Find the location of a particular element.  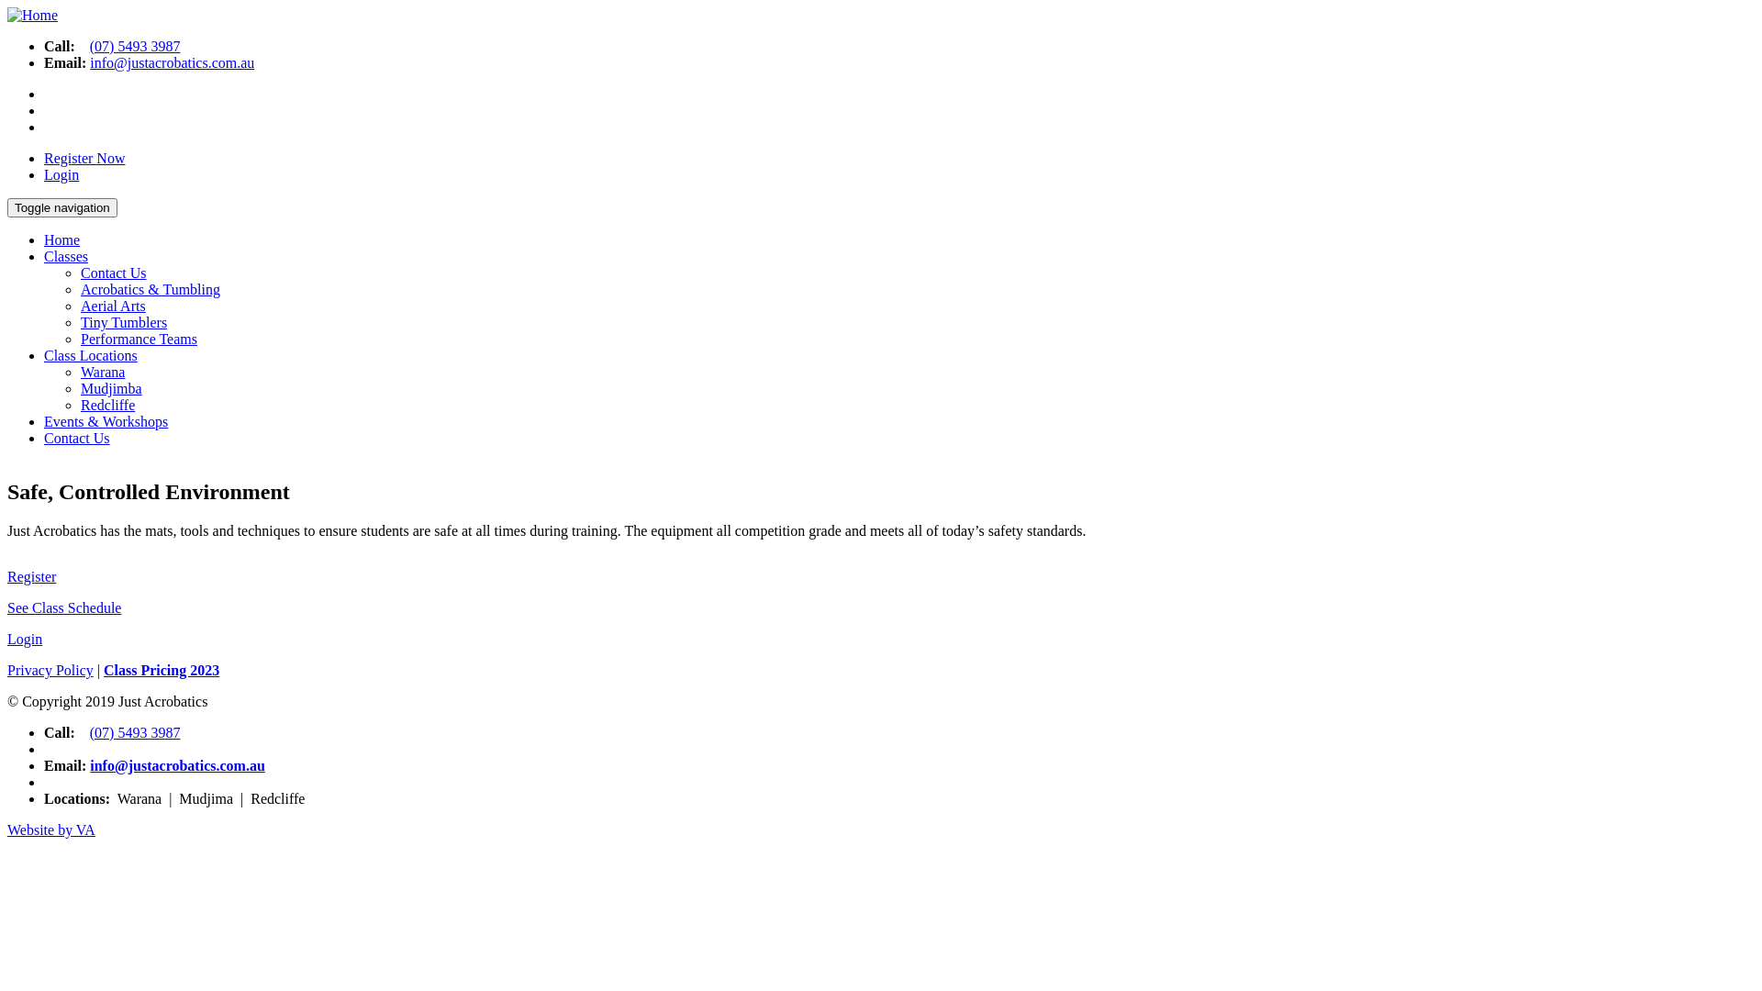

'Performance Teams' is located at coordinates (138, 339).